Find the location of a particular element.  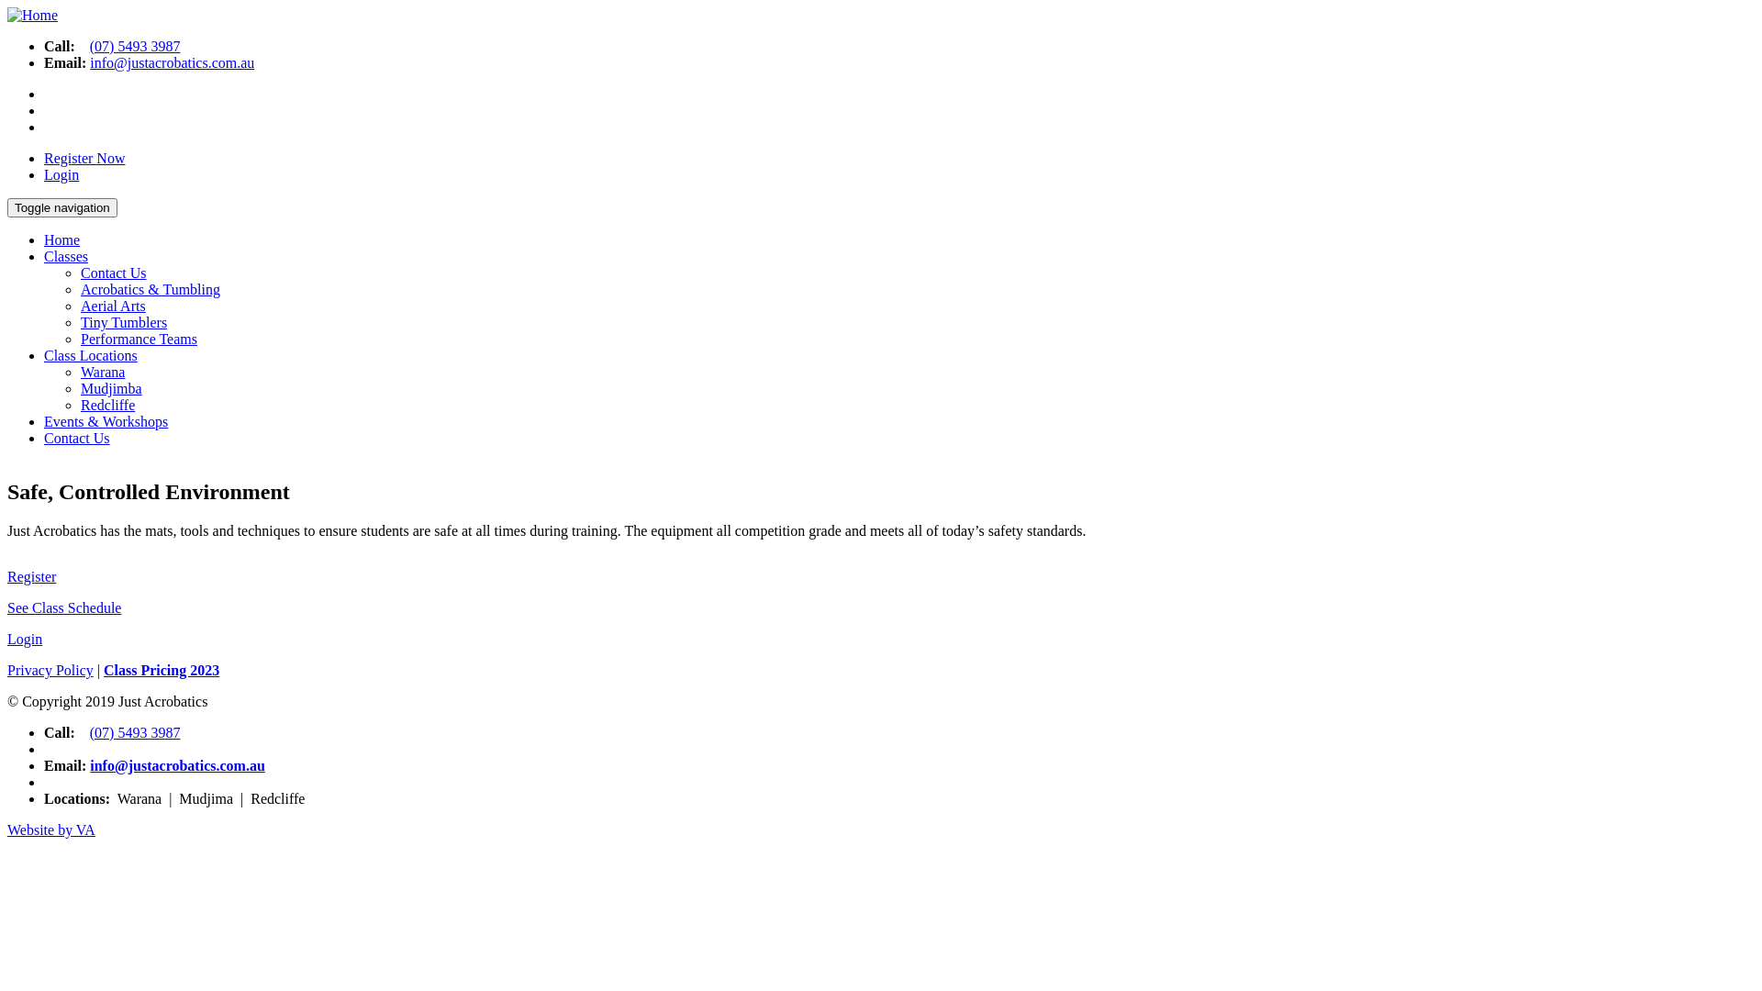

'Performance Teams' is located at coordinates (138, 339).